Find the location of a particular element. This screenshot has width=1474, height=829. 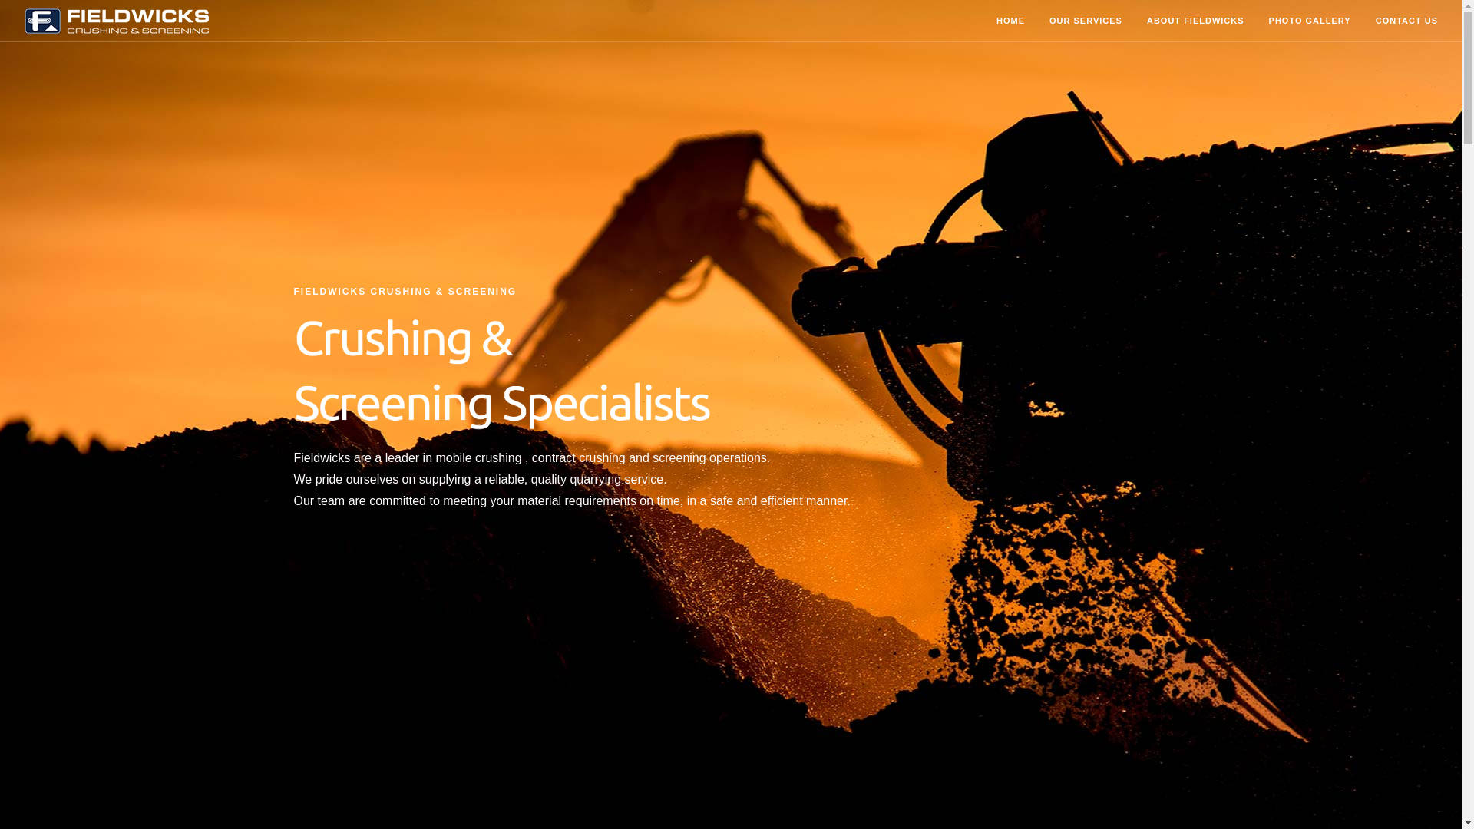

'ABOUT FIELDWICKS' is located at coordinates (1195, 21).